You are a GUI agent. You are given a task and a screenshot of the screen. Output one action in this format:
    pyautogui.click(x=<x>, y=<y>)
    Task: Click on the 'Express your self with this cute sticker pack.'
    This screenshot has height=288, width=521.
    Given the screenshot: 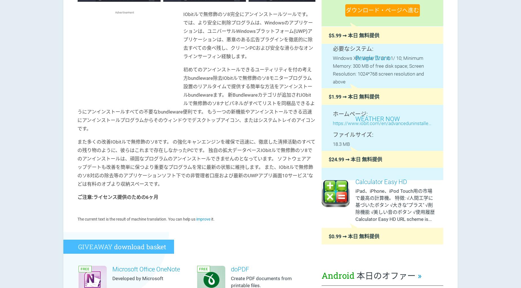 What is the action you would take?
    pyautogui.click(x=388, y=70)
    